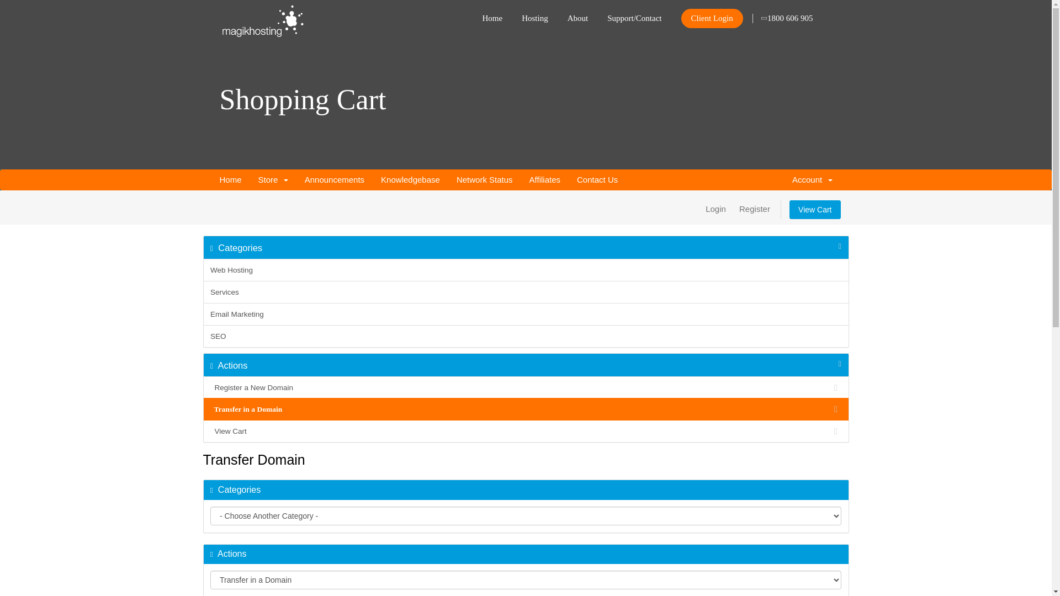  What do you see at coordinates (596, 179) in the screenshot?
I see `'Contact Us'` at bounding box center [596, 179].